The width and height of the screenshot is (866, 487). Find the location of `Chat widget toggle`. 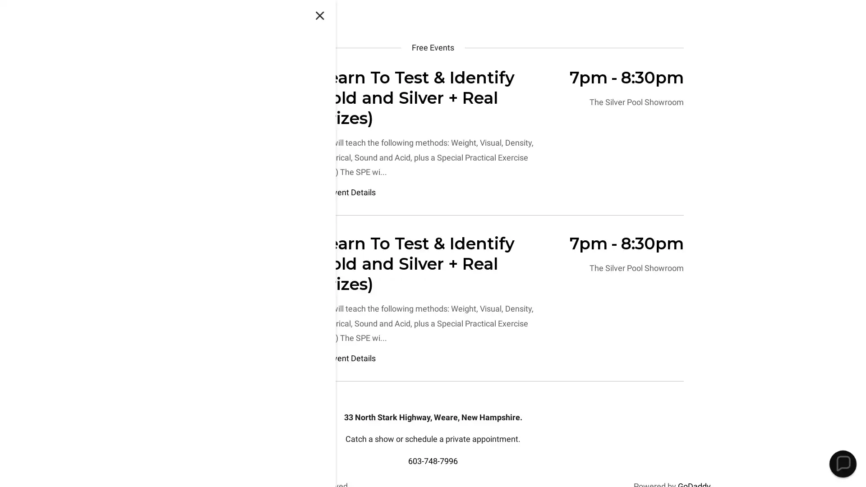

Chat widget toggle is located at coordinates (842, 464).